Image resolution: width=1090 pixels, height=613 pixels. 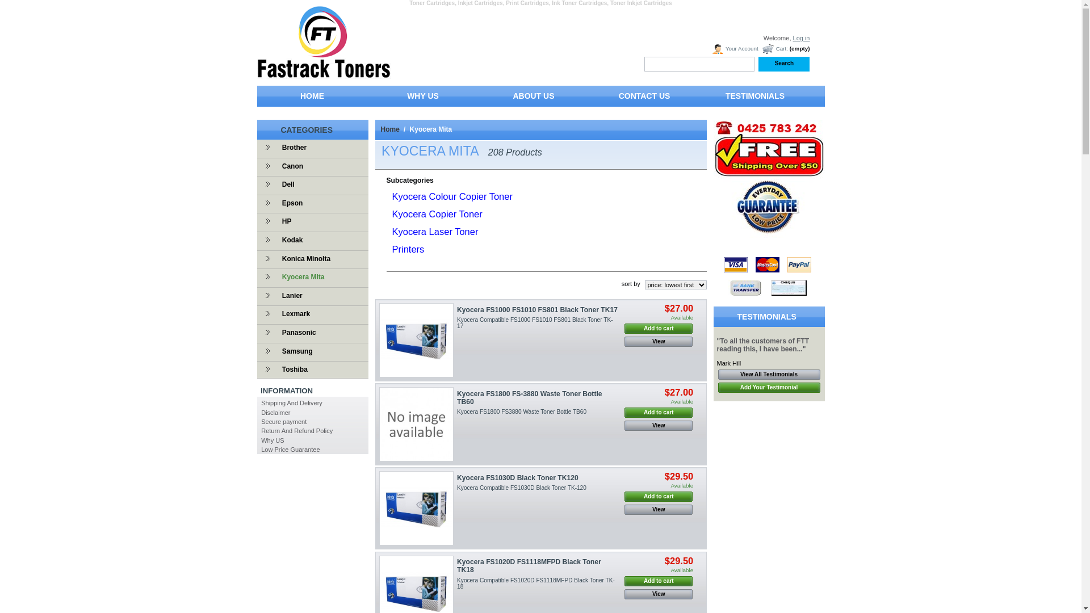 I want to click on 'HOME', so click(x=255, y=98).